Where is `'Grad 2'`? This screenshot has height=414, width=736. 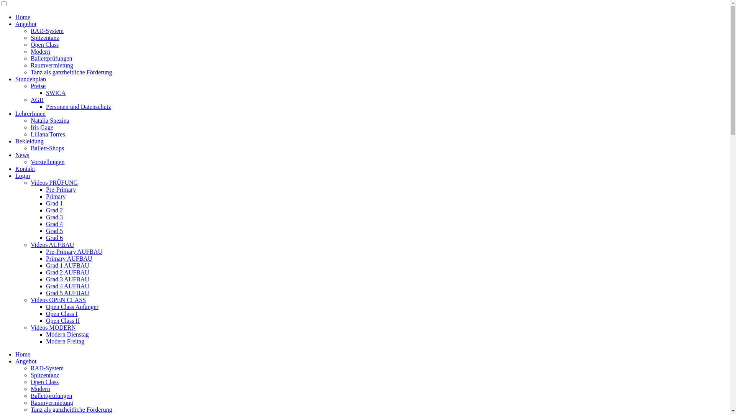
'Grad 2' is located at coordinates (54, 210).